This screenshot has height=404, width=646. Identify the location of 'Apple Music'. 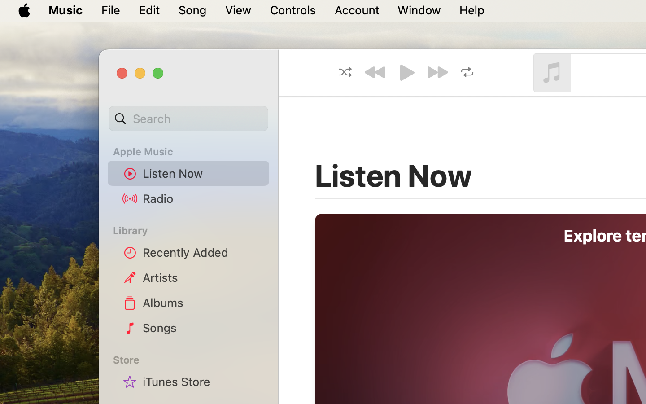
(194, 152).